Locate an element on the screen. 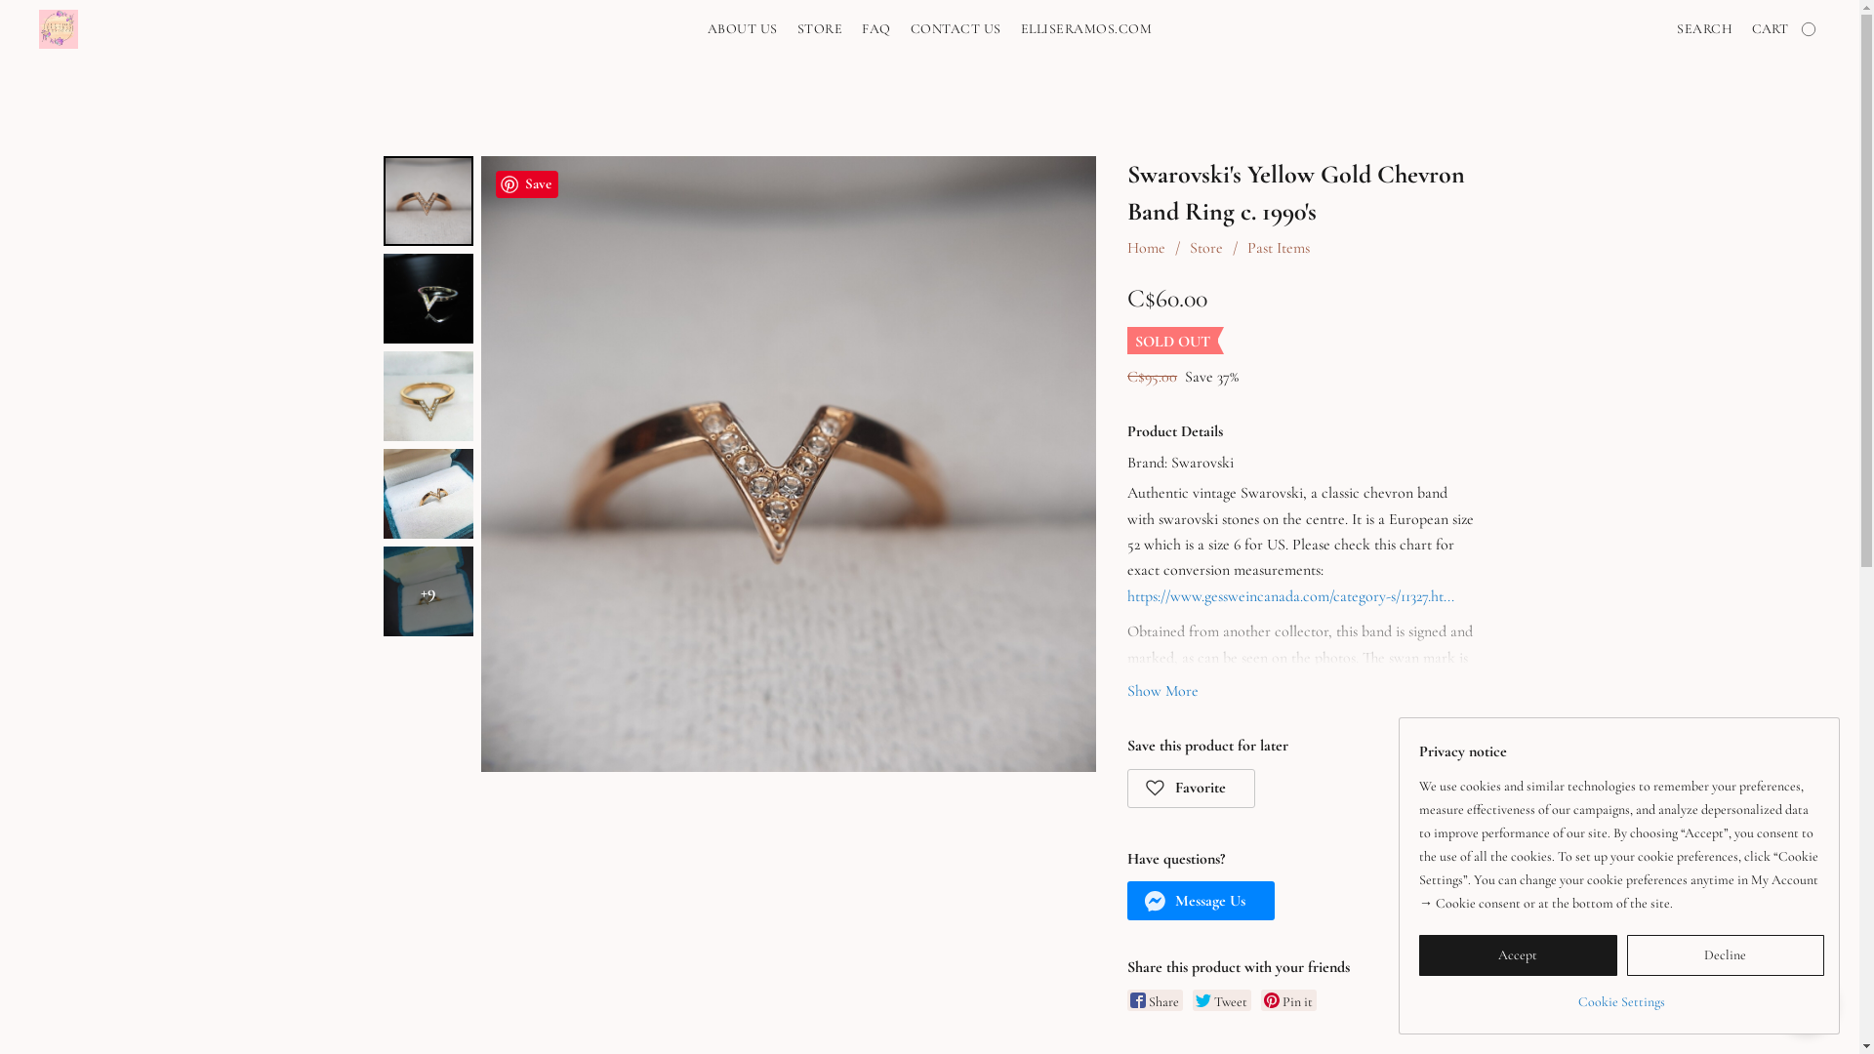 The image size is (1874, 1054). 'https://www.gessweincanada.com/category-s/11327.ht...' is located at coordinates (1290, 594).